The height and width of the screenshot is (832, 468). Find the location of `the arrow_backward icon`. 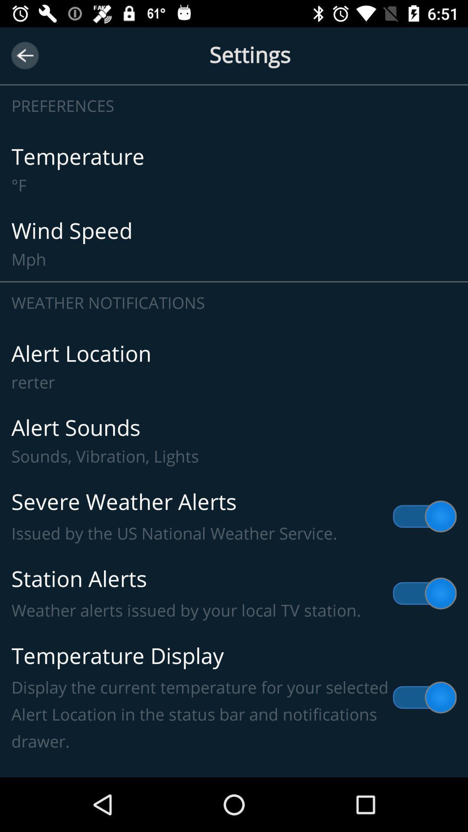

the arrow_backward icon is located at coordinates (24, 55).